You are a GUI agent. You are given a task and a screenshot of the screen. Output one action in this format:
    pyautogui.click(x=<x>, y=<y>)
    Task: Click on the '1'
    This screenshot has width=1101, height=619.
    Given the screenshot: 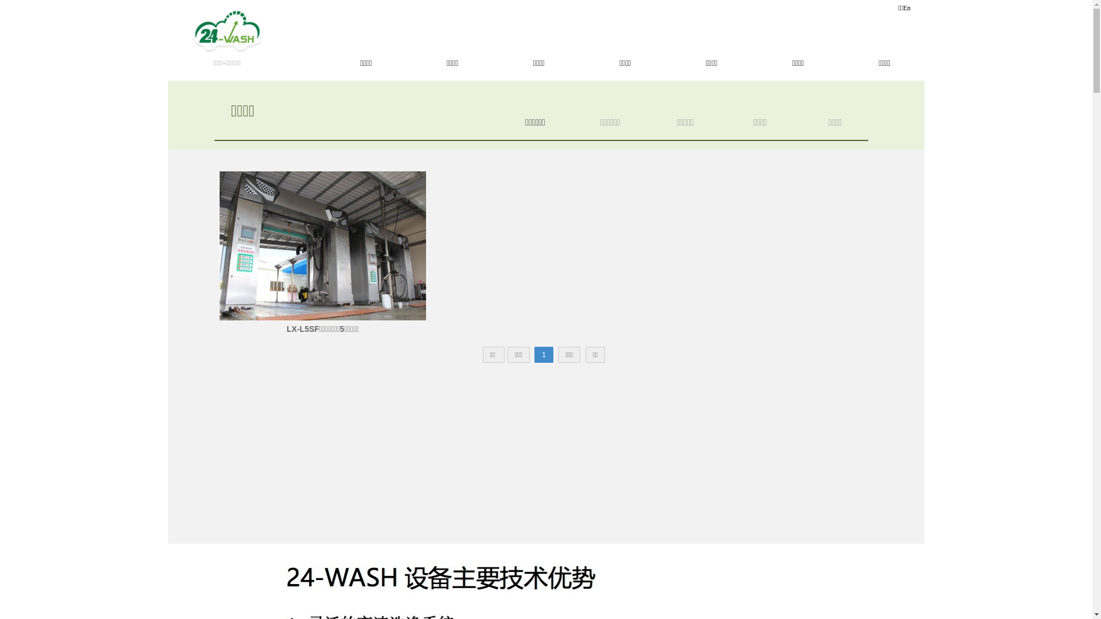 What is the action you would take?
    pyautogui.click(x=533, y=354)
    